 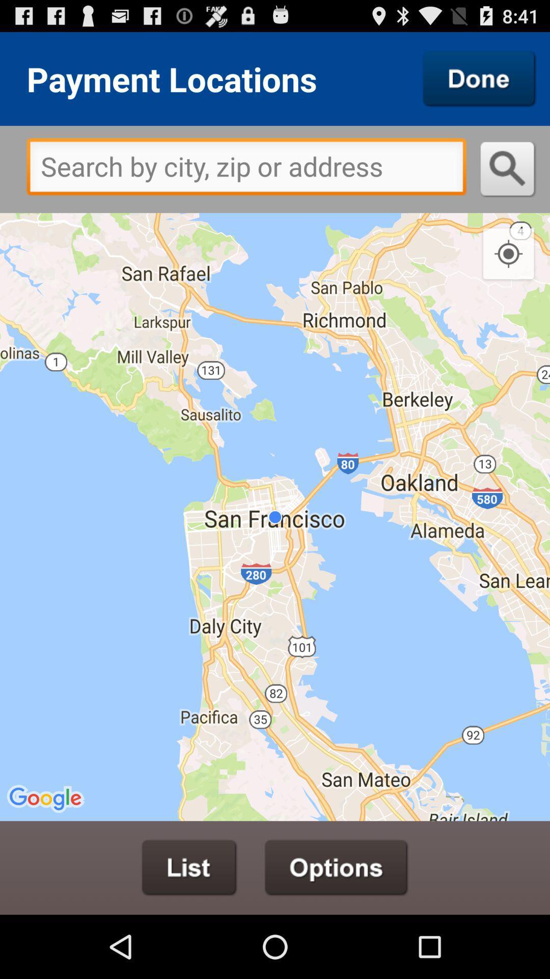 I want to click on the app to the right of the payment locations icon, so click(x=479, y=78).